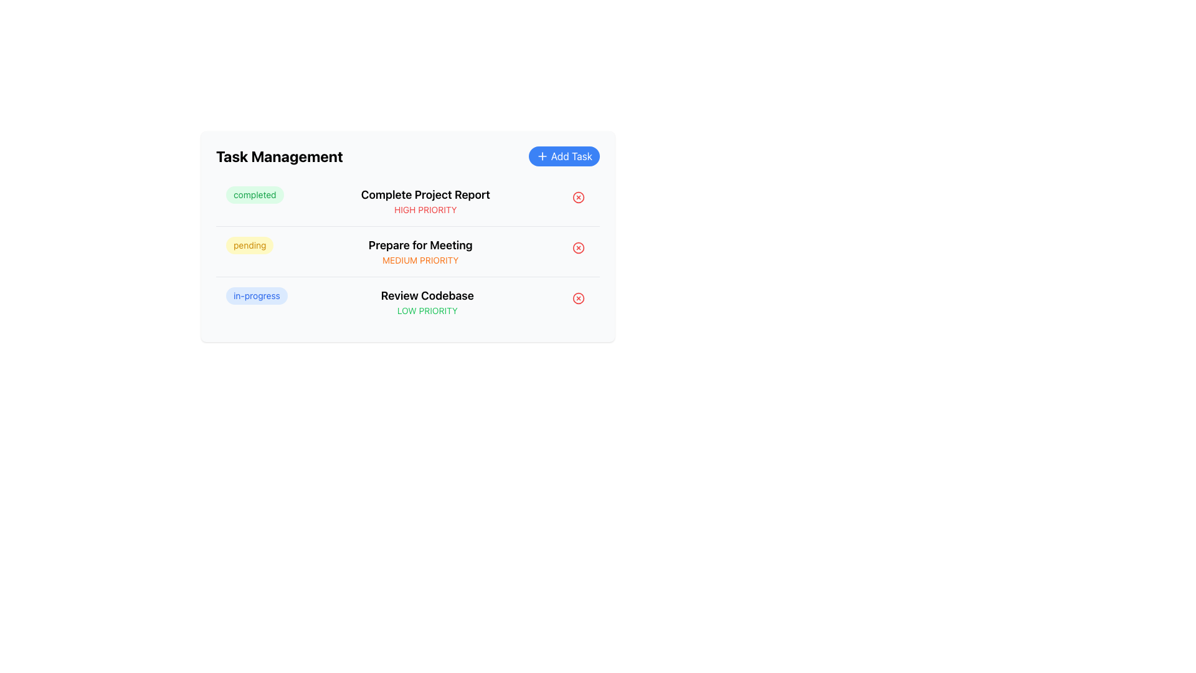 This screenshot has height=673, width=1196. Describe the element at coordinates (427, 302) in the screenshot. I see `the text display that shows 'Review Codebase' in bold black font and 'LOW PRIORITY' in smaller green text, located in the 'in-progress' task section of the Task Management interface` at that location.